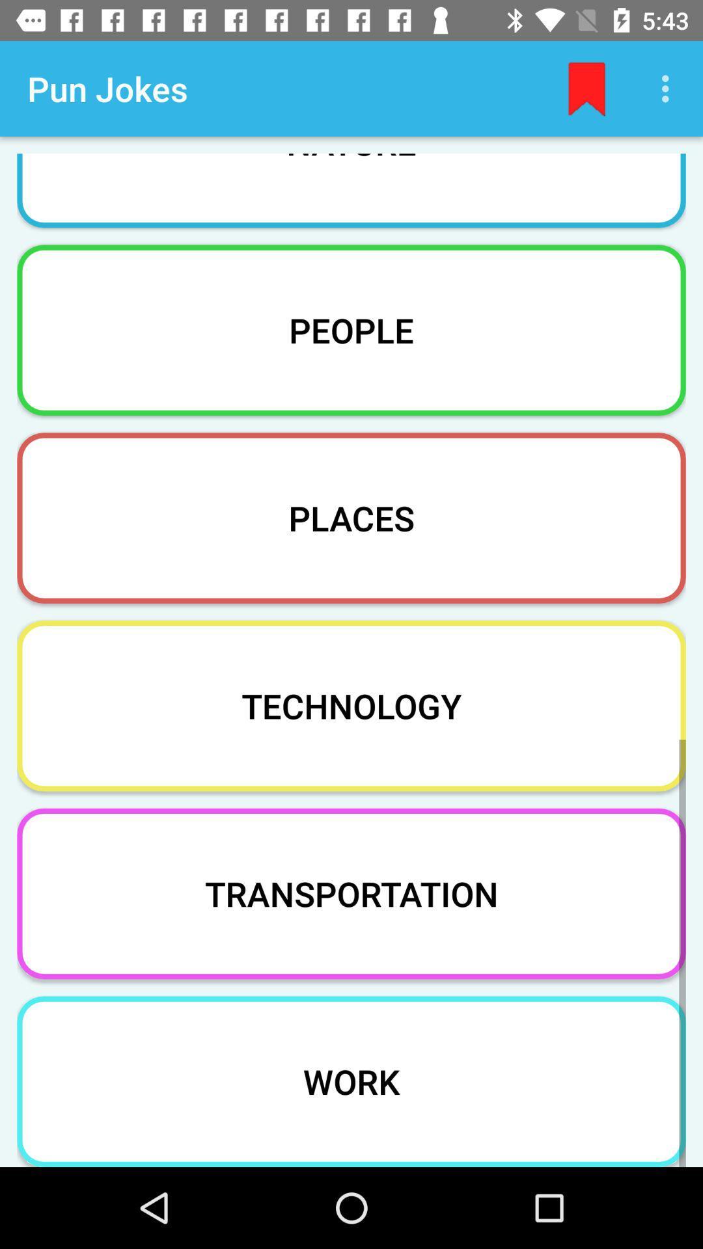 This screenshot has width=703, height=1249. I want to click on technology, so click(351, 705).